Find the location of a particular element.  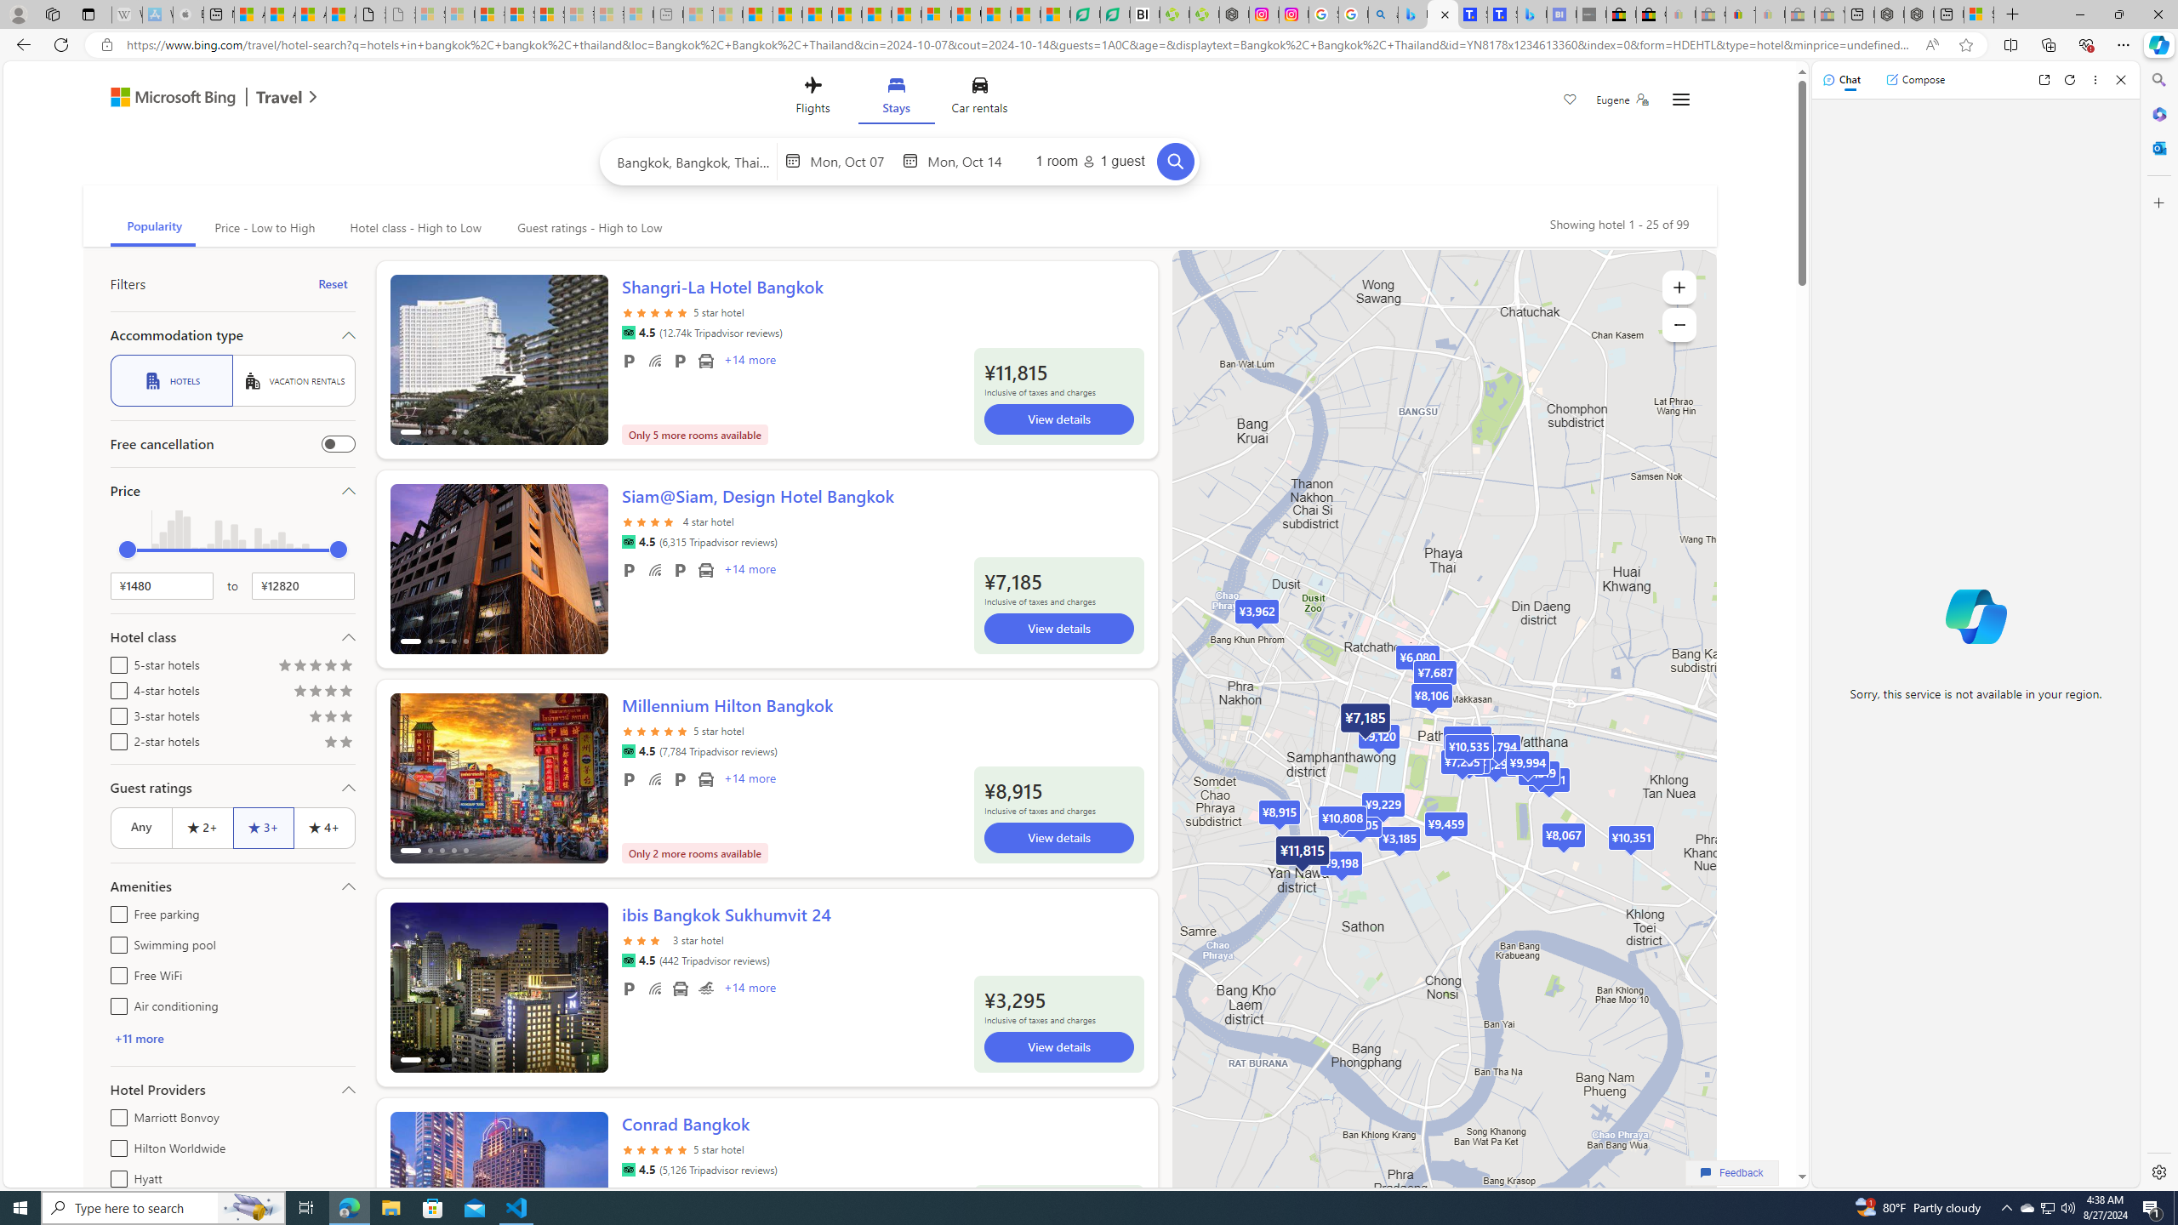

'Shangri-La Bangkok, Hotel reviews and Room rates' is located at coordinates (1502, 14).